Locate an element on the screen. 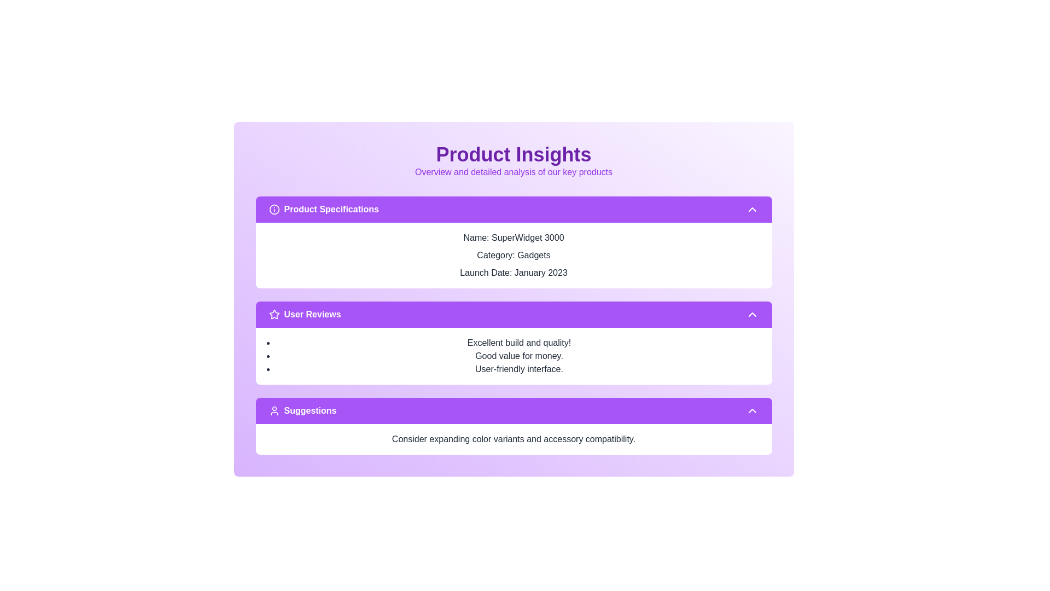 This screenshot has width=1050, height=591. user reviews displayed in the Information Display Section, which has a purple header titled 'User Reviews' and contains three review statements is located at coordinates (513, 343).